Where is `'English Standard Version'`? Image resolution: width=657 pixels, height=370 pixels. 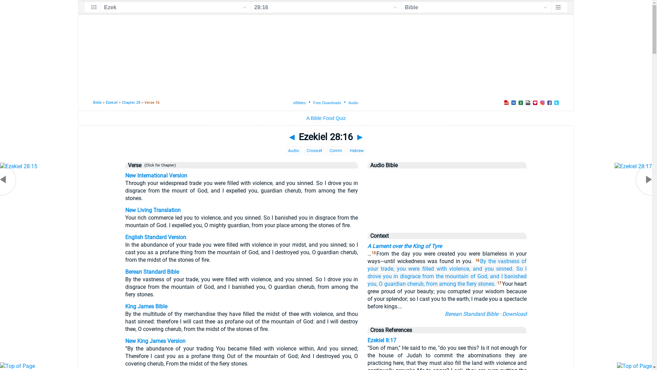
'English Standard Version' is located at coordinates (155, 237).